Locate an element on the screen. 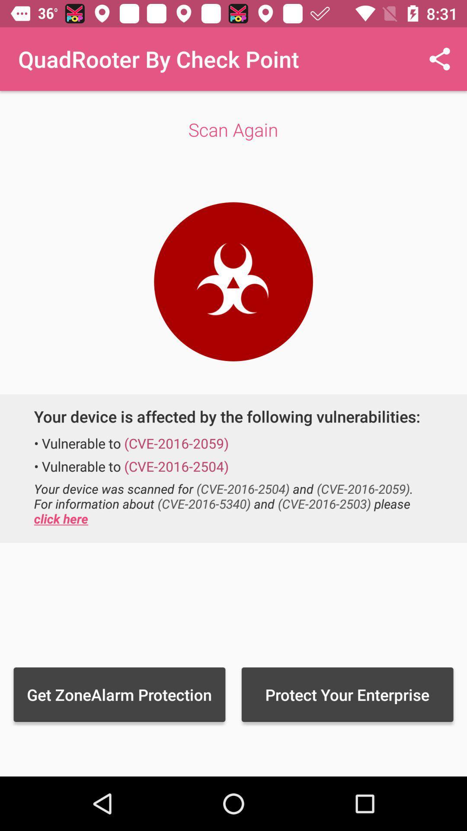 The width and height of the screenshot is (467, 831). the item next to the quadrooter by check app is located at coordinates (440, 58).